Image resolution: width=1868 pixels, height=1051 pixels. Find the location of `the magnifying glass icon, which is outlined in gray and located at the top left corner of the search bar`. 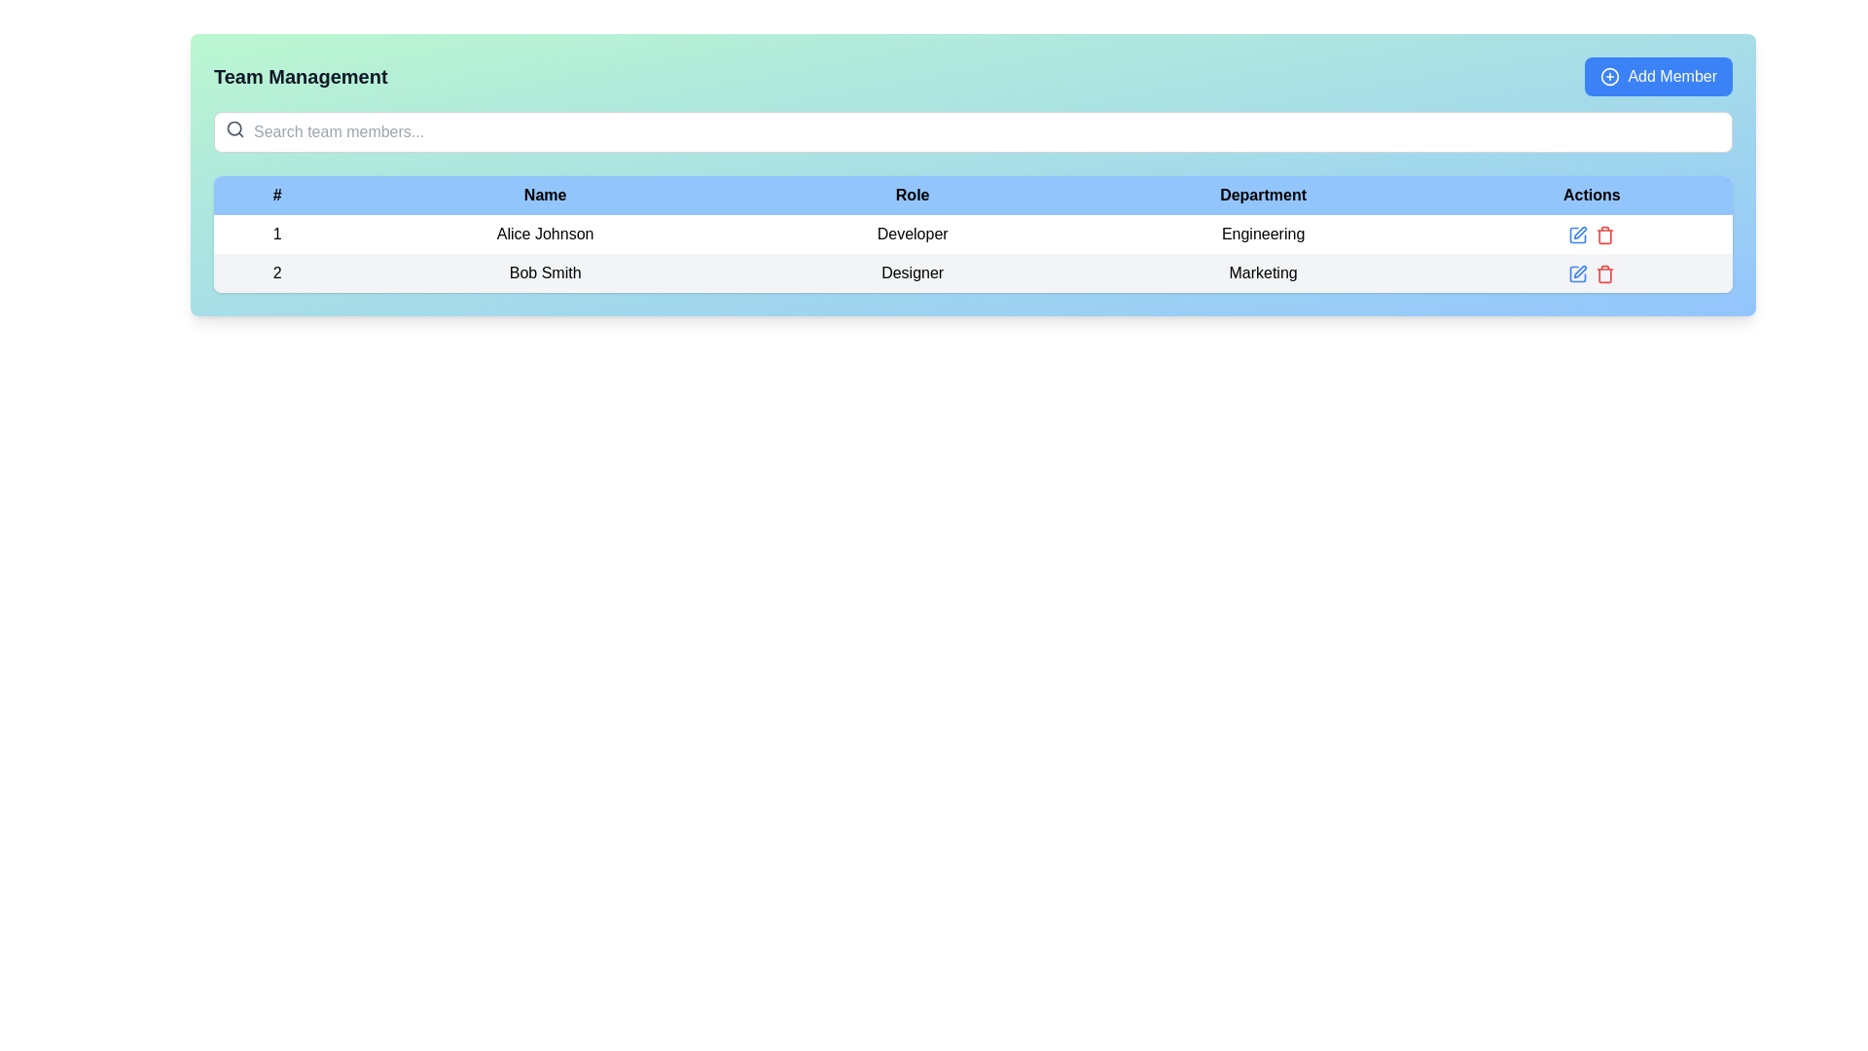

the magnifying glass icon, which is outlined in gray and located at the top left corner of the search bar is located at coordinates (233, 128).